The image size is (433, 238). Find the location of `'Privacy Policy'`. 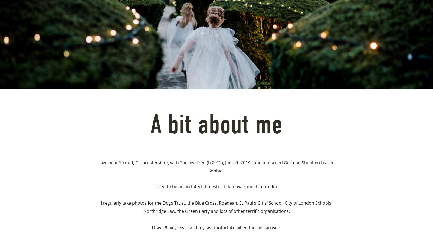

'Privacy Policy' is located at coordinates (157, 92).